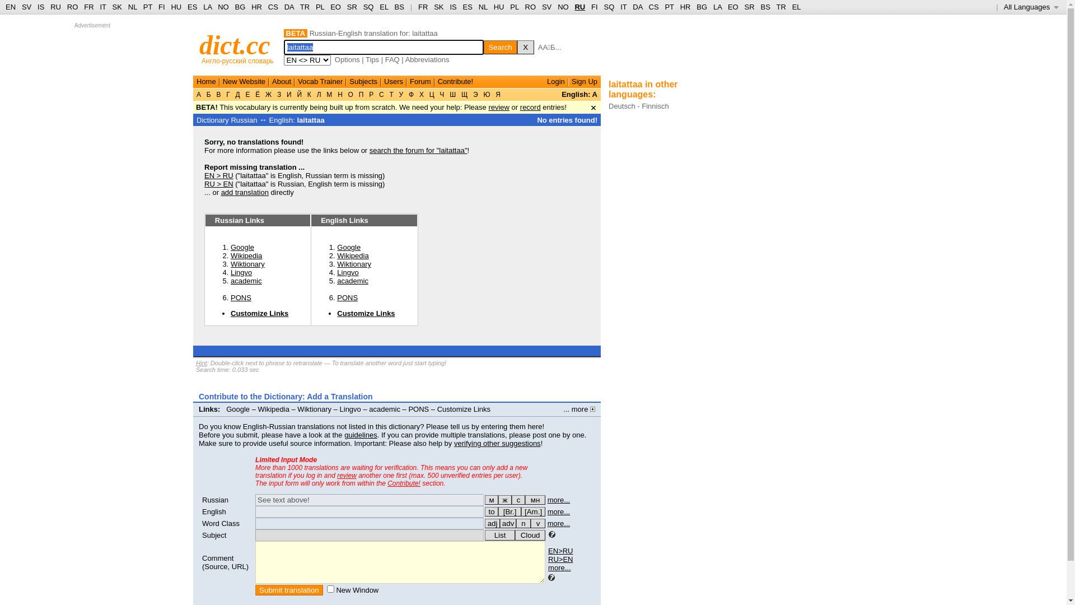 The image size is (1075, 605). What do you see at coordinates (796, 7) in the screenshot?
I see `'EL'` at bounding box center [796, 7].